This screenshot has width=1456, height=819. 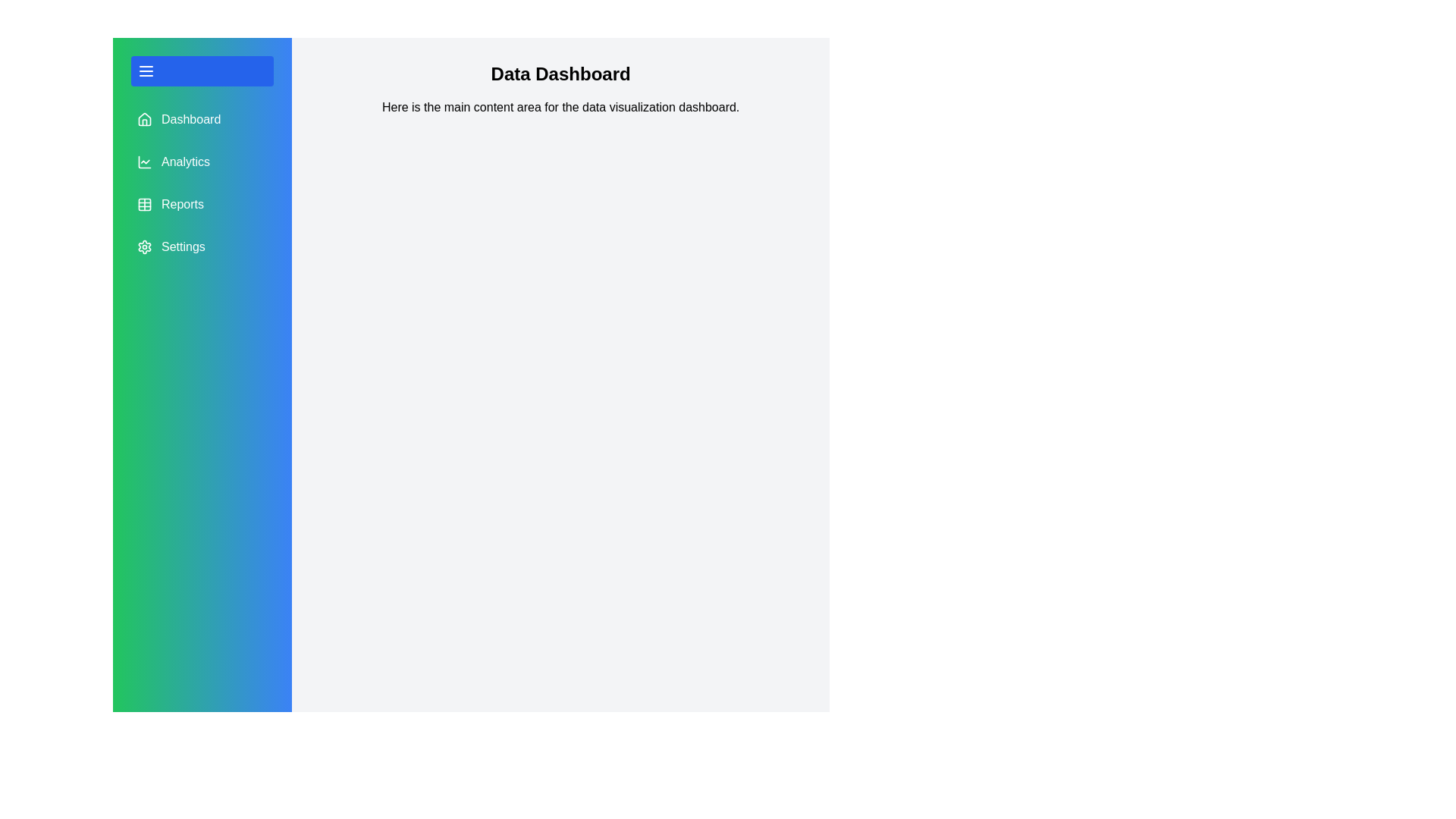 I want to click on the menu item Analytics in the side drawer, so click(x=202, y=162).